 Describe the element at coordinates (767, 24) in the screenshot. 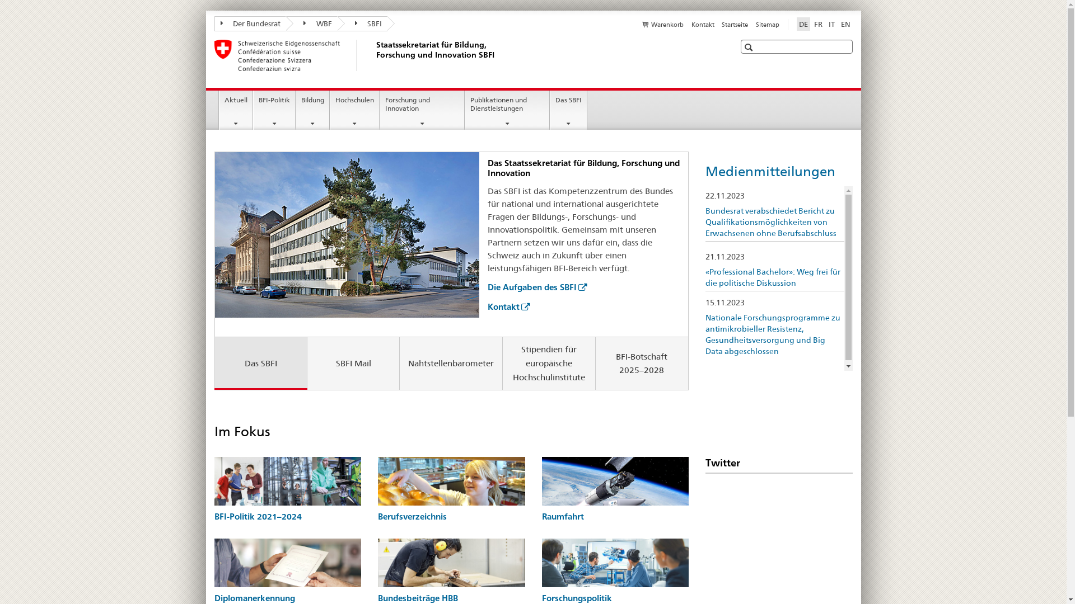

I see `'Sitemap'` at that location.